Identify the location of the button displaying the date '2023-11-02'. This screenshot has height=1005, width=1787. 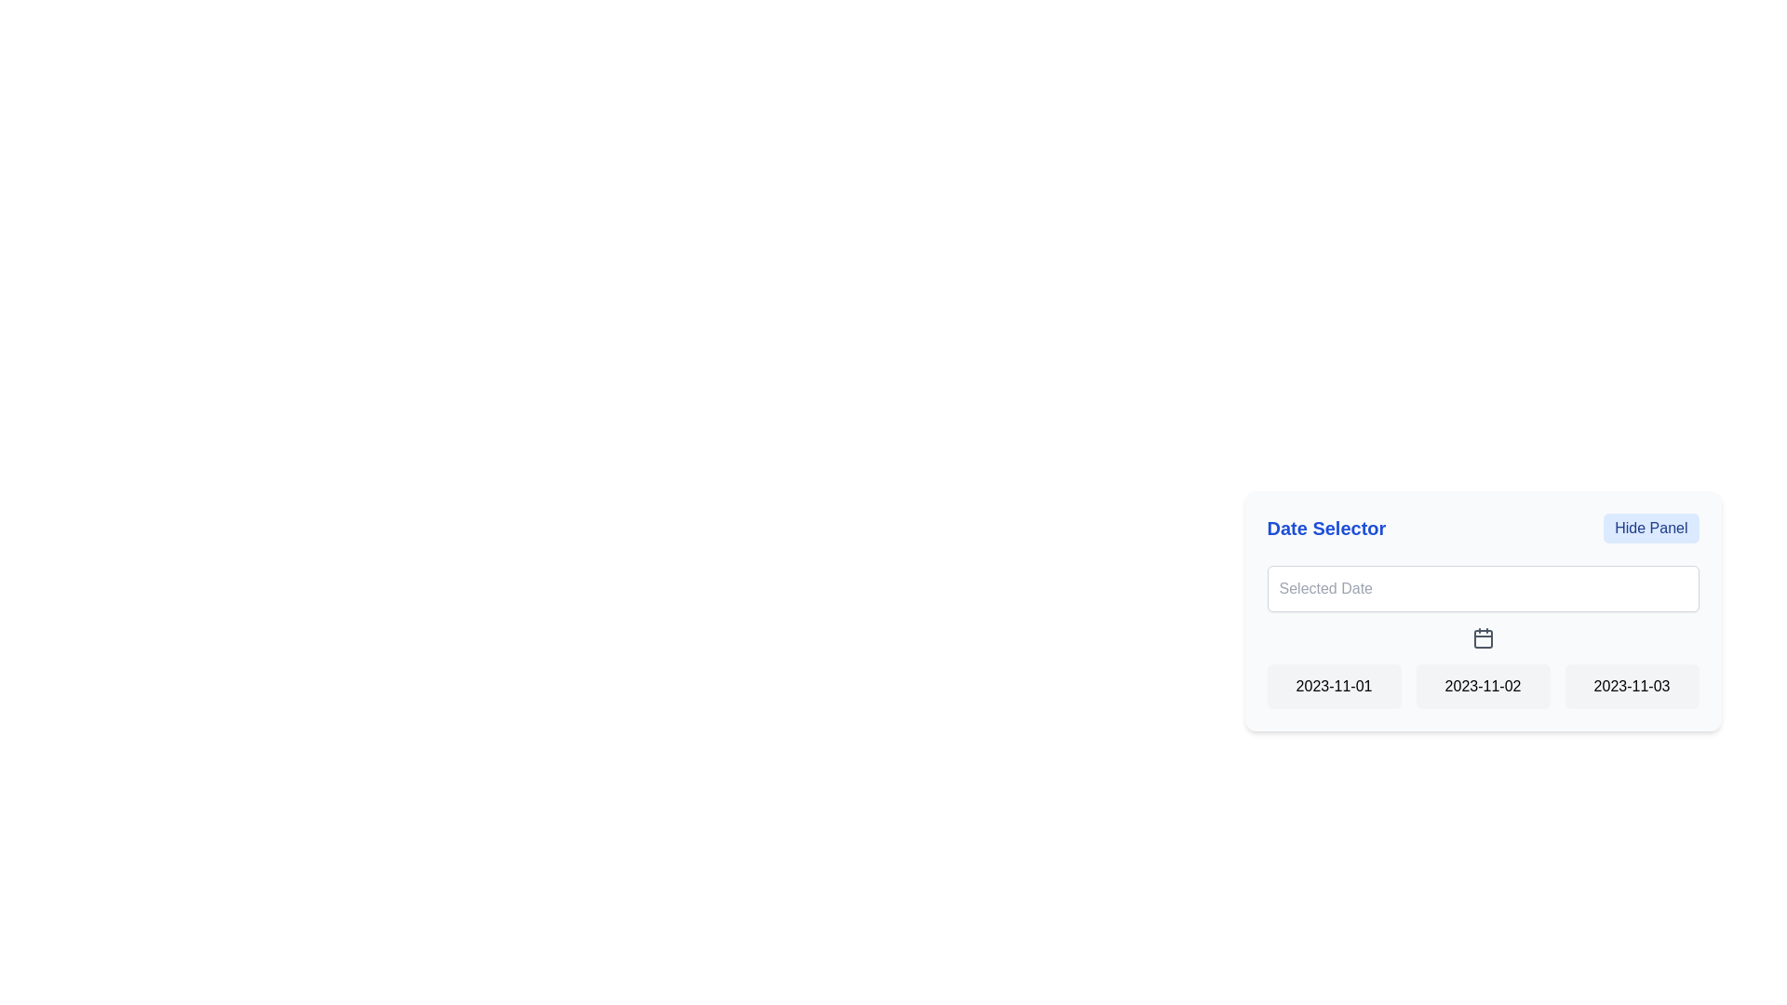
(1482, 686).